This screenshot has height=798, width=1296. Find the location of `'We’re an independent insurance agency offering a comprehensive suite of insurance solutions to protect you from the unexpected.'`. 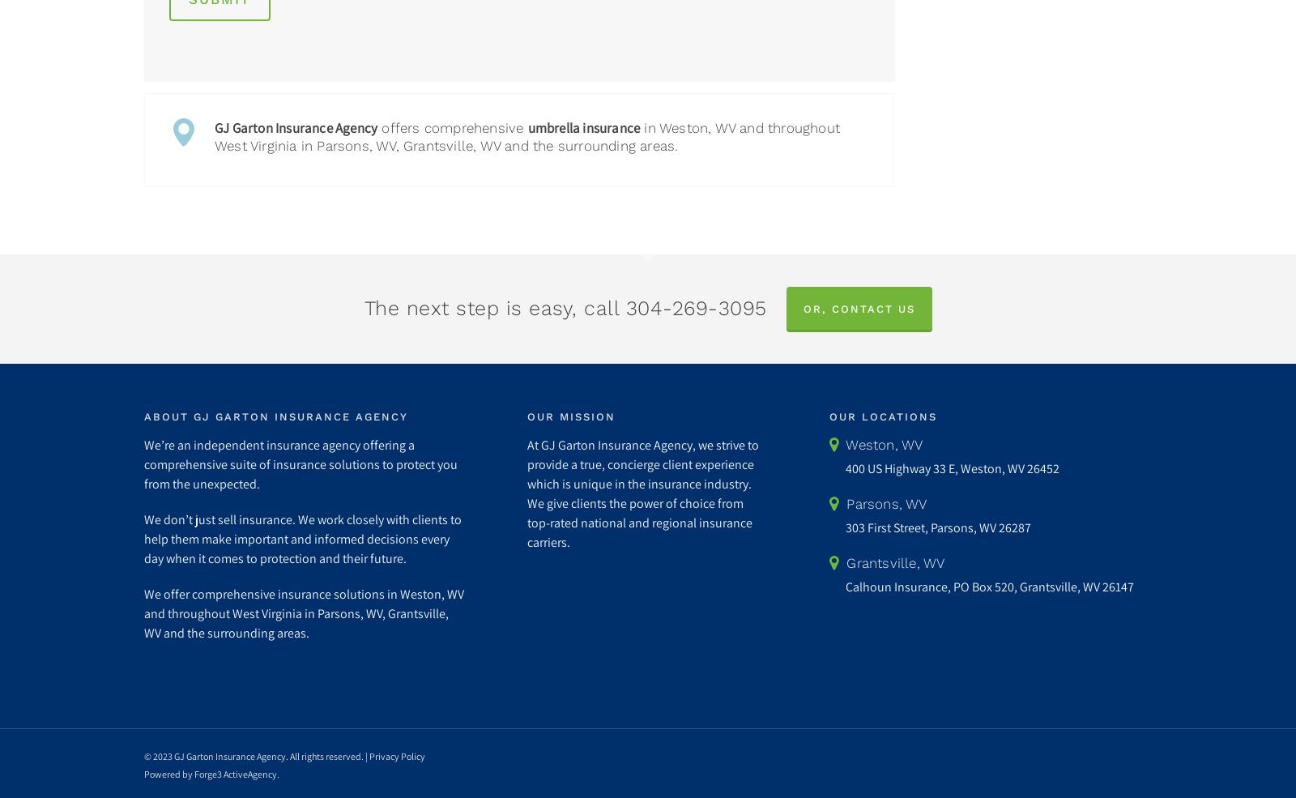

'We’re an independent insurance agency offering a comprehensive suite of insurance solutions to protect you from the unexpected.' is located at coordinates (142, 464).